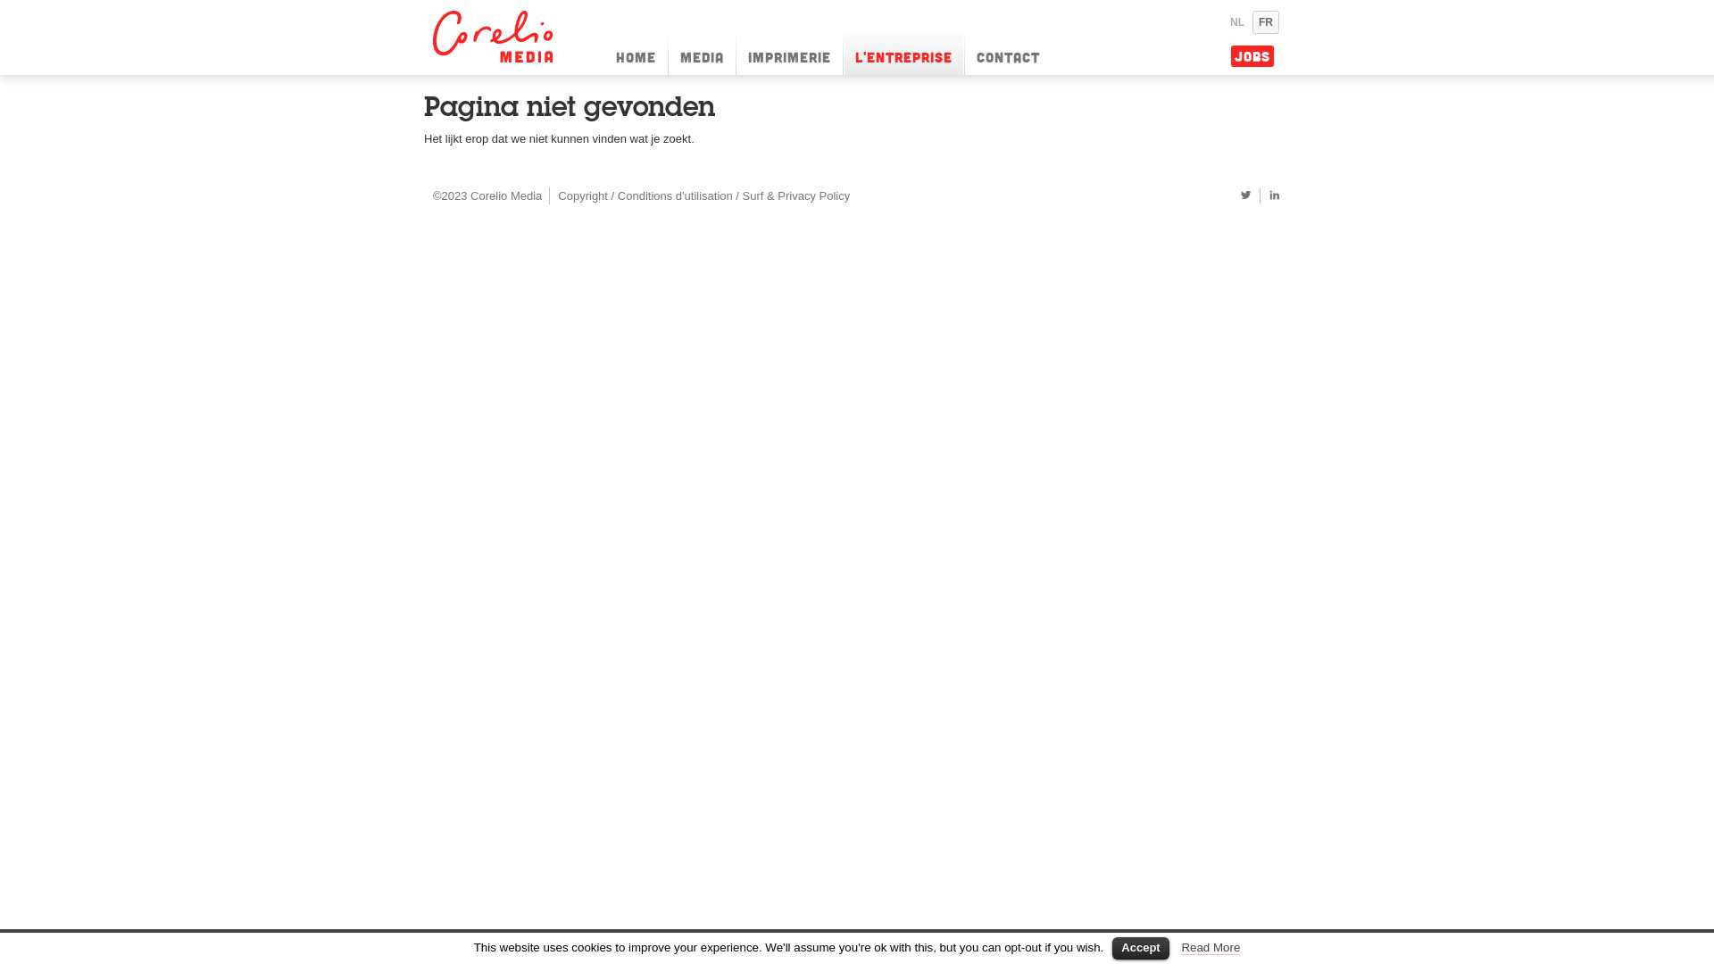 Image resolution: width=1714 pixels, height=964 pixels. What do you see at coordinates (1211, 946) in the screenshot?
I see `'Read More'` at bounding box center [1211, 946].